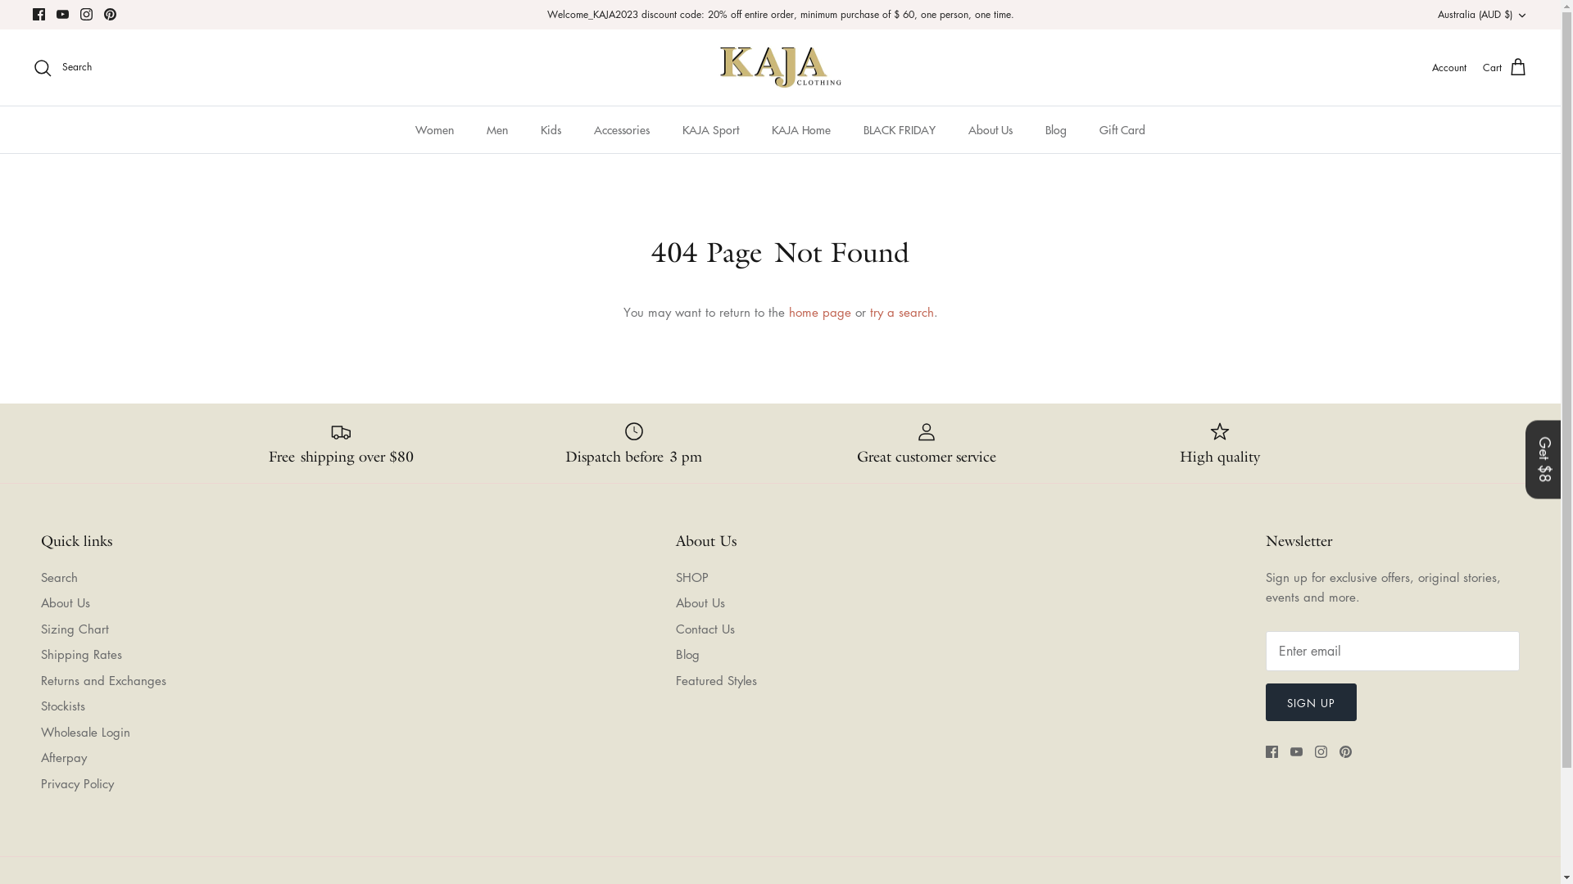 Image resolution: width=1573 pixels, height=884 pixels. What do you see at coordinates (899, 129) in the screenshot?
I see `'BLACK FRIDAY'` at bounding box center [899, 129].